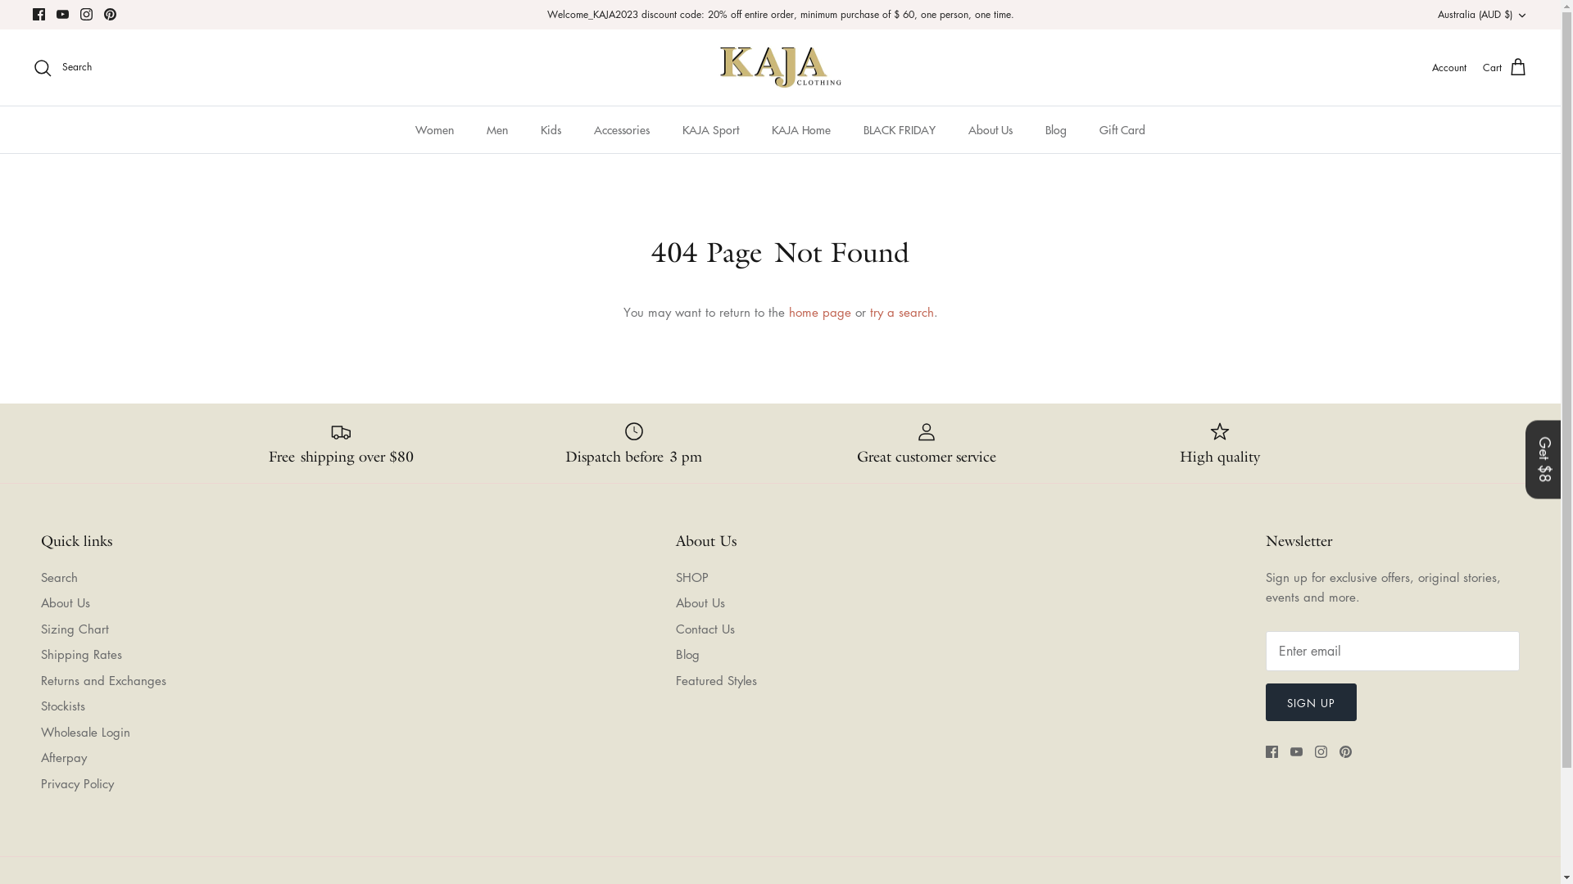 Image resolution: width=1573 pixels, height=884 pixels. What do you see at coordinates (899, 129) in the screenshot?
I see `'BLACK FRIDAY'` at bounding box center [899, 129].